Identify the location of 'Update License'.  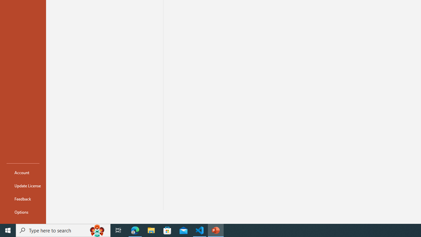
(23, 186).